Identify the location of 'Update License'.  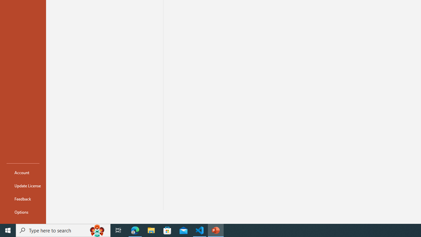
(23, 186).